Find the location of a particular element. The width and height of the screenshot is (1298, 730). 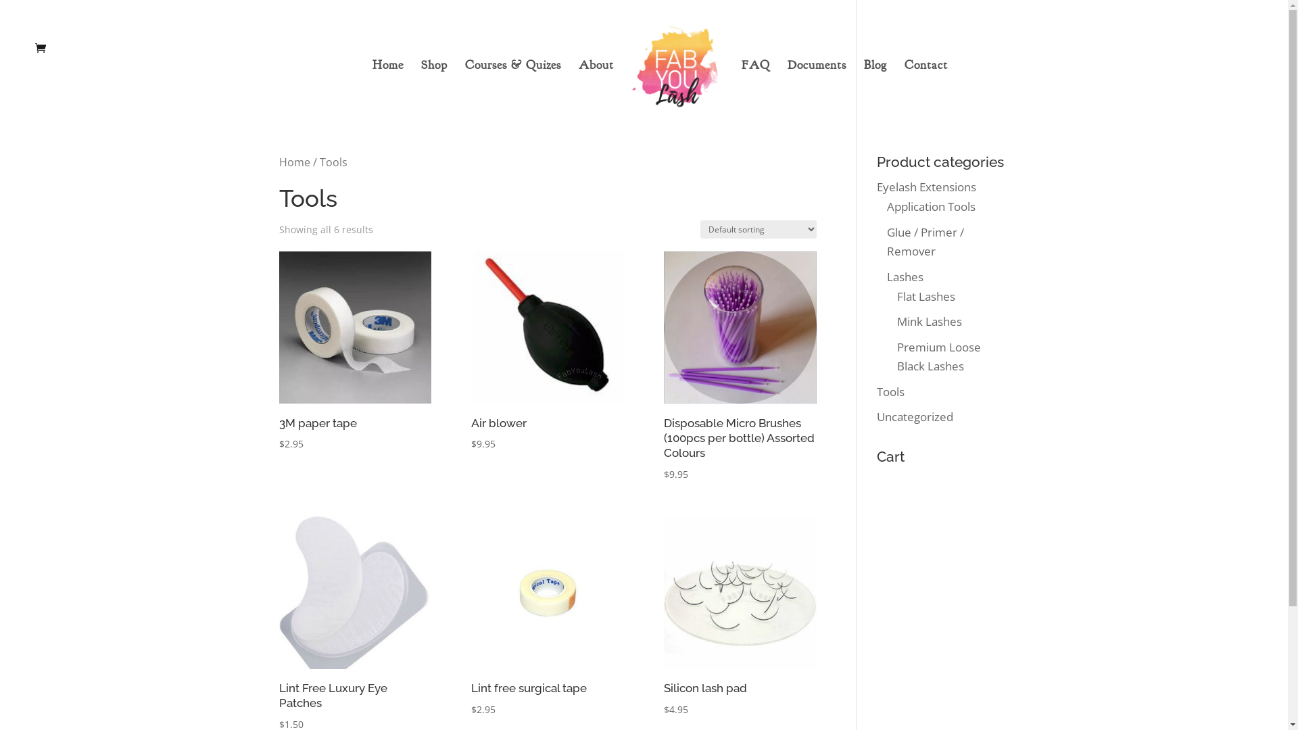

'Silicon lash pad is located at coordinates (739, 616).